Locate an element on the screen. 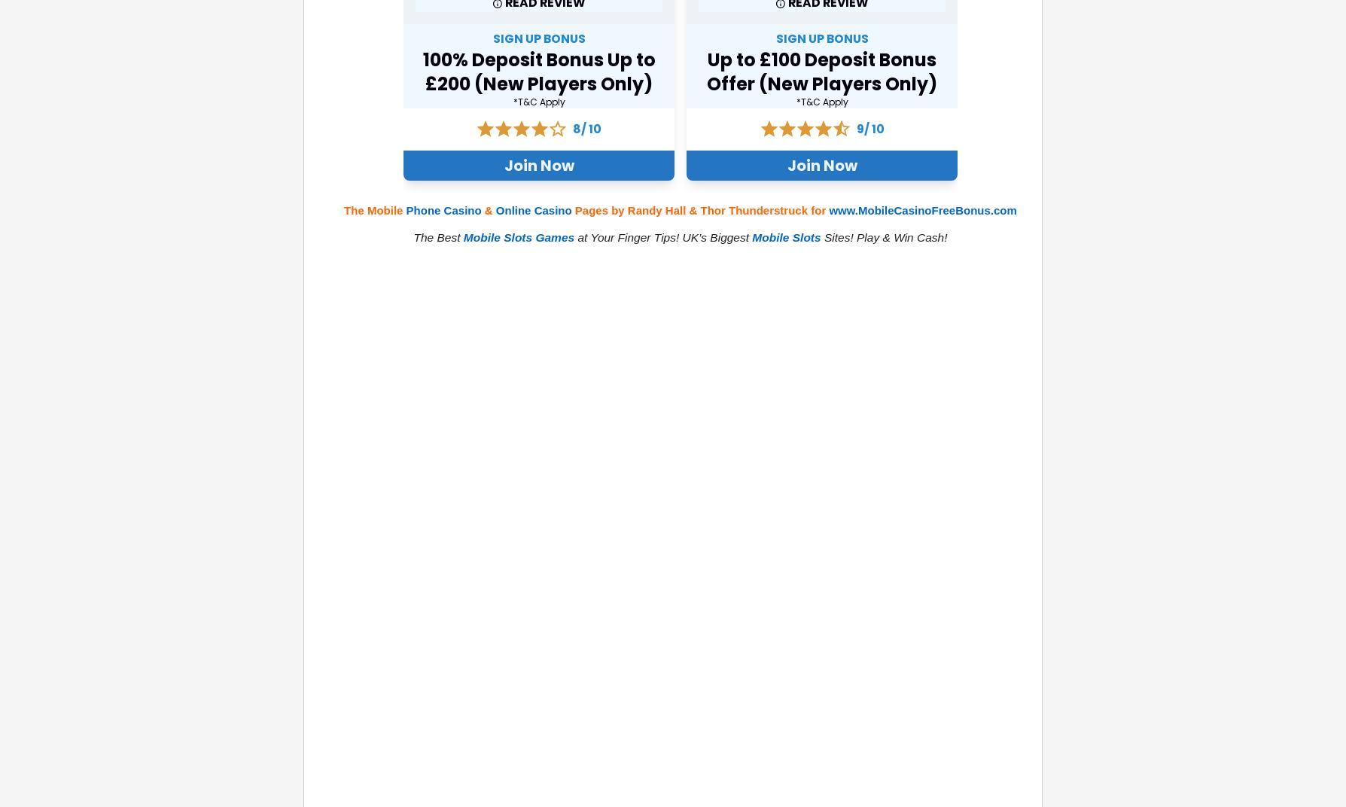 This screenshot has width=1346, height=807. 'Phone Casino' is located at coordinates (443, 209).